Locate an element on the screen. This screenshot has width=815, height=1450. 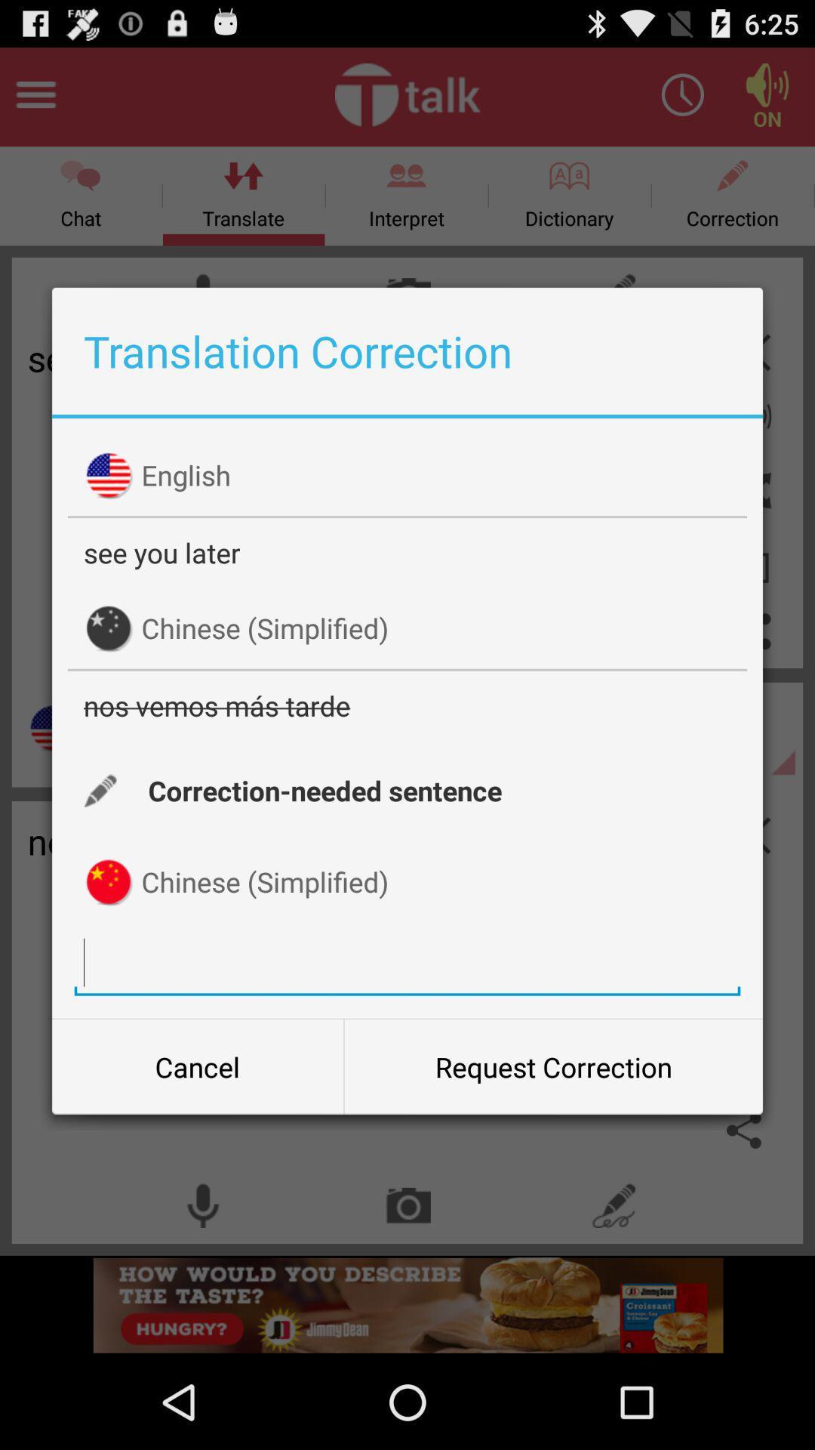
the item at the bottom left corner is located at coordinates (197, 1066).